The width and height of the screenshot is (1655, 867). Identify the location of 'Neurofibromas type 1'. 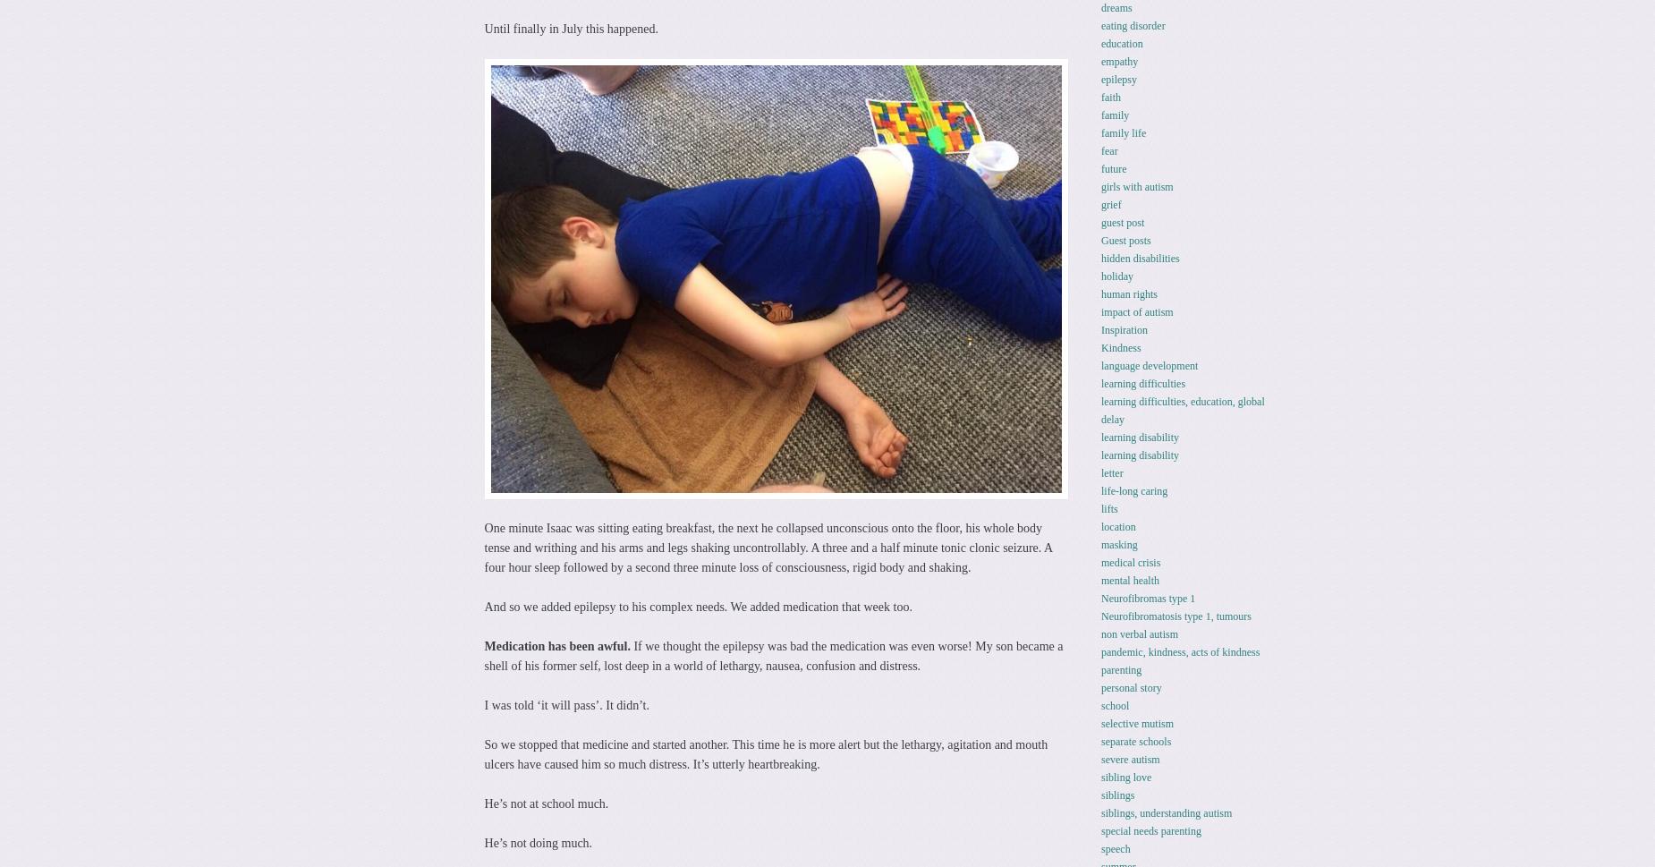
(1147, 597).